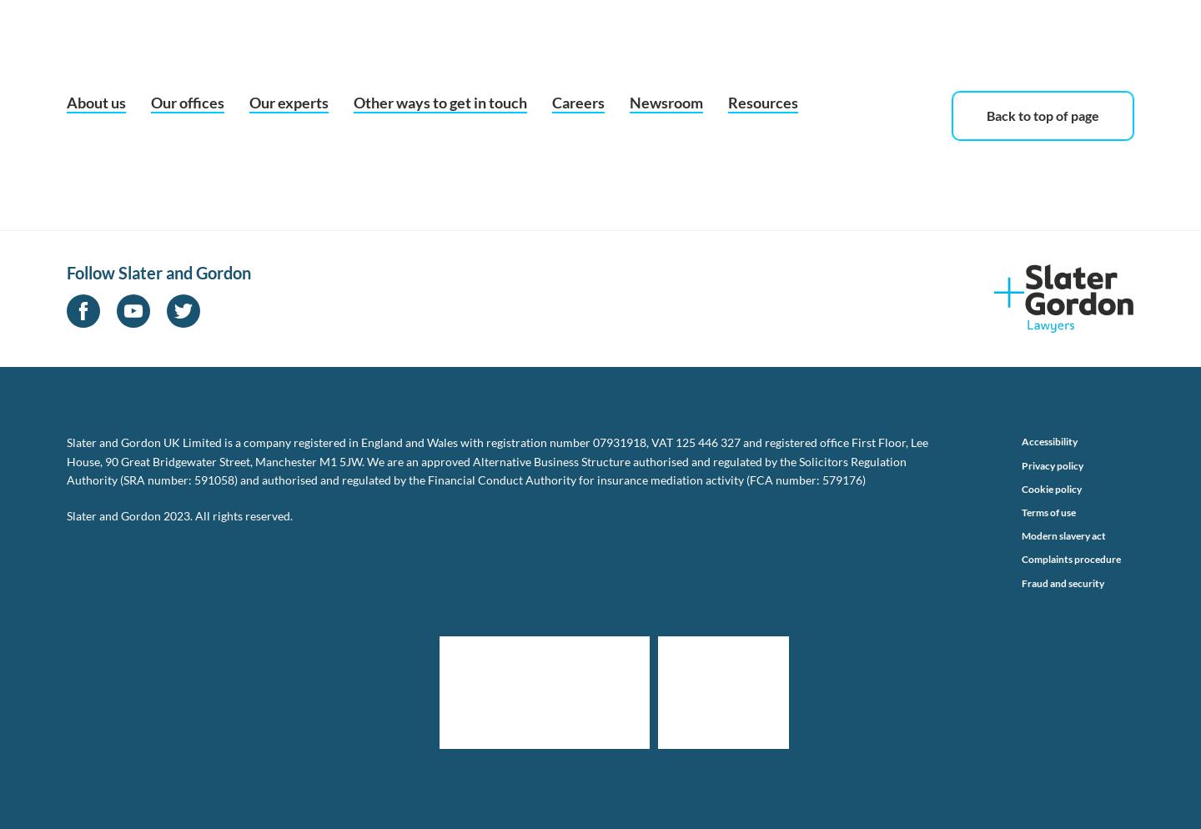  What do you see at coordinates (158, 272) in the screenshot?
I see `'Follow Slater and Gordon'` at bounding box center [158, 272].